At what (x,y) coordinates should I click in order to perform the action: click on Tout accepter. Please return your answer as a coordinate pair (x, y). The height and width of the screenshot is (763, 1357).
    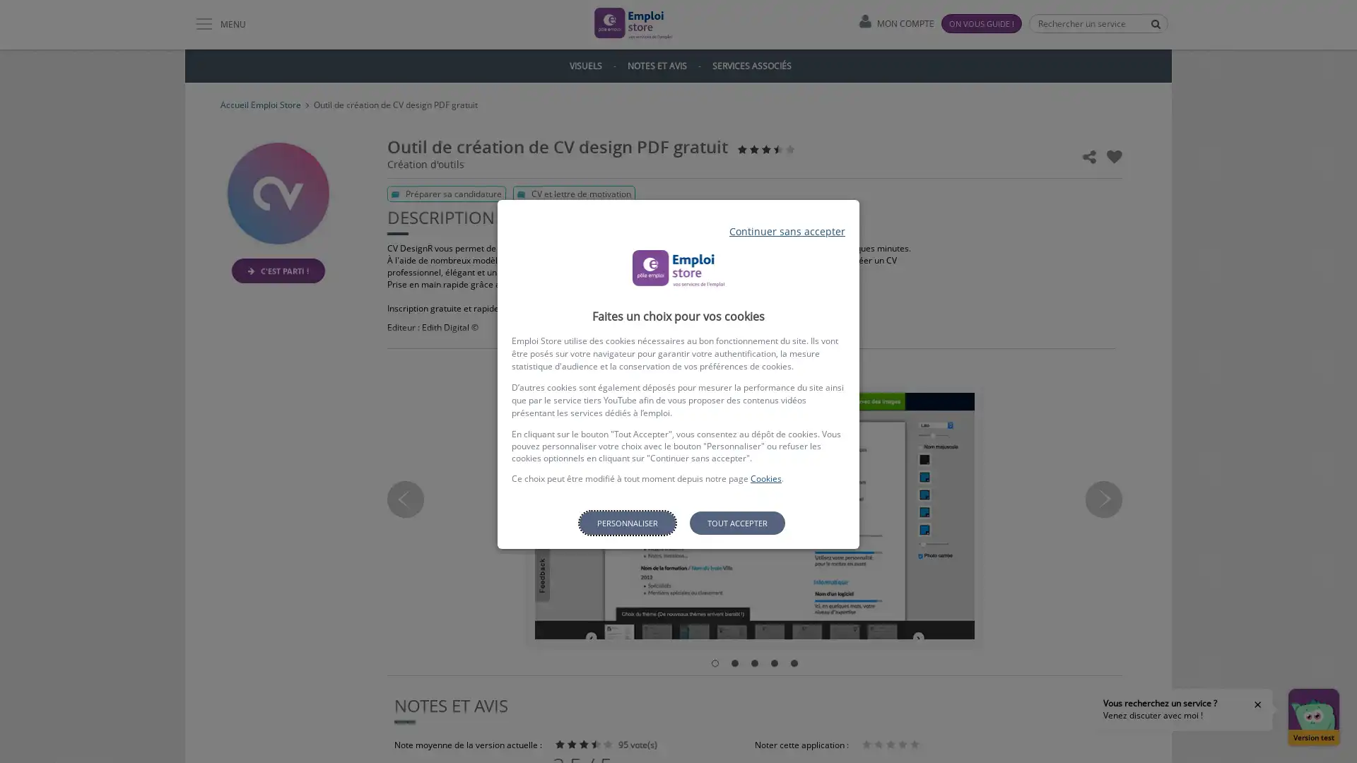
    Looking at the image, I should click on (736, 523).